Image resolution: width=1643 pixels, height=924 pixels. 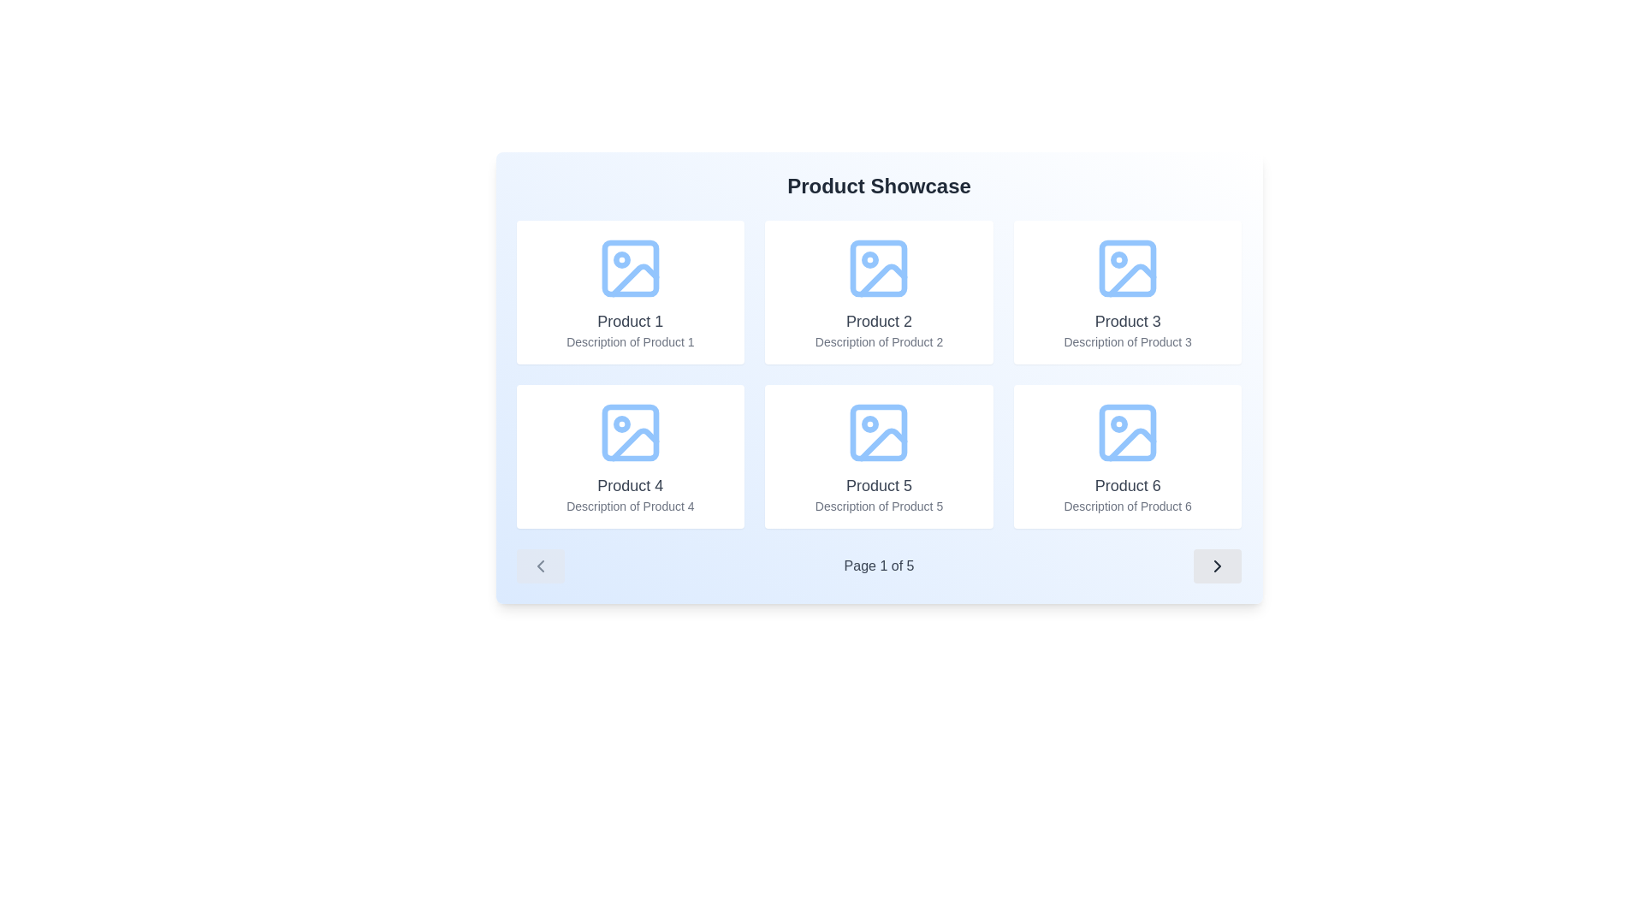 I want to click on the text label displaying 'Product 1', which is located in the first product card at the top-left of the grid layout, above the description text and below the product icon, so click(x=629, y=321).